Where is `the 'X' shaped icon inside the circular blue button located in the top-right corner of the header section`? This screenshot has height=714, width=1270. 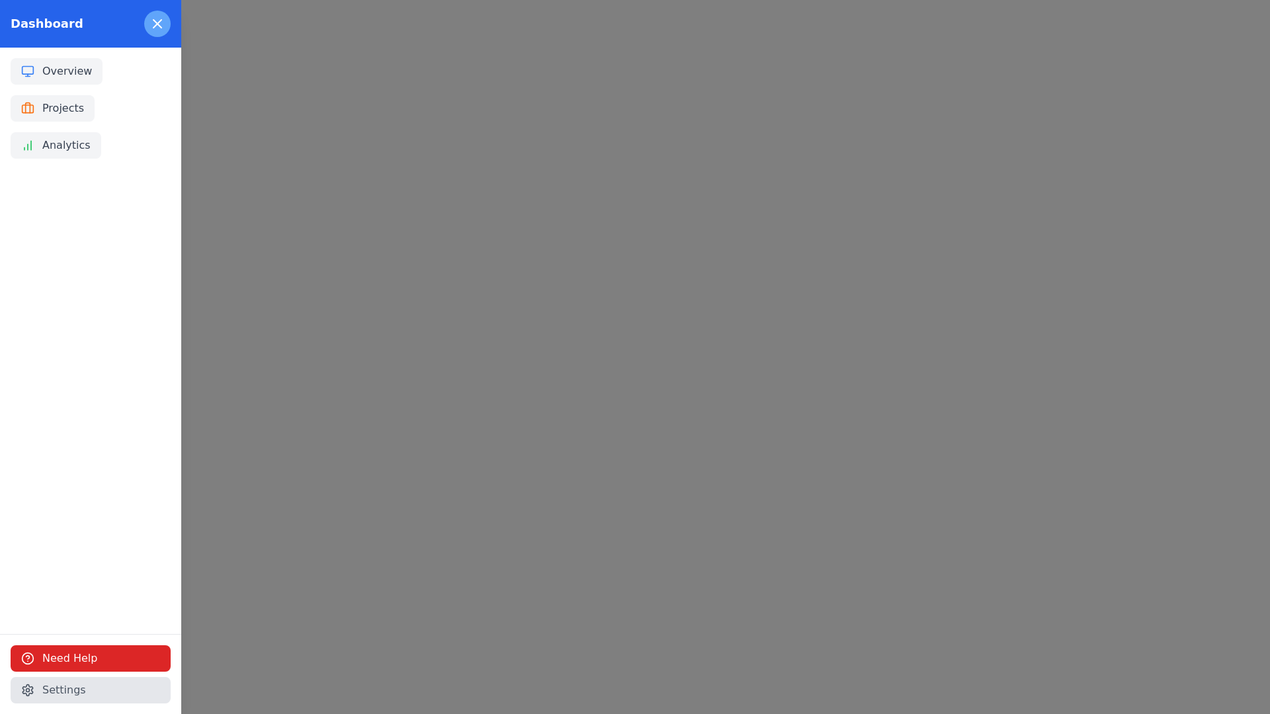 the 'X' shaped icon inside the circular blue button located in the top-right corner of the header section is located at coordinates (157, 23).